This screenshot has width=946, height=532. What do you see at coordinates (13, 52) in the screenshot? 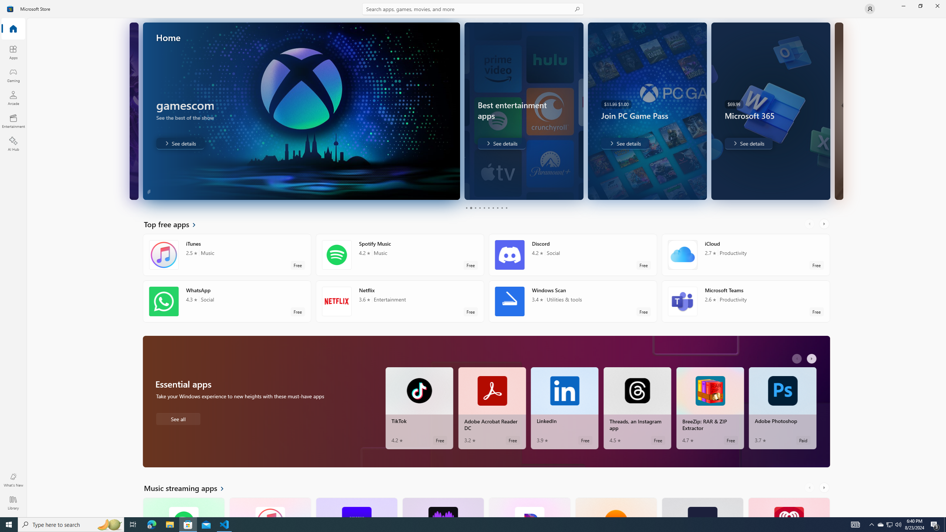
I see `'Apps'` at bounding box center [13, 52].